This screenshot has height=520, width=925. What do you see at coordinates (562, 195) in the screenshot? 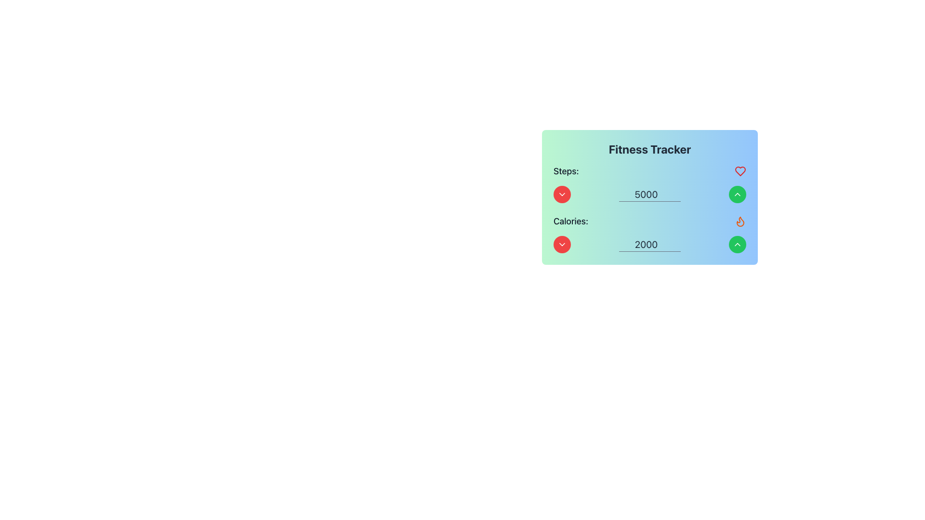
I see `the circular red button with white text and a downward-pointing chevron icon located within the 'Fitness Tracker' widget to decrement the value` at bounding box center [562, 195].